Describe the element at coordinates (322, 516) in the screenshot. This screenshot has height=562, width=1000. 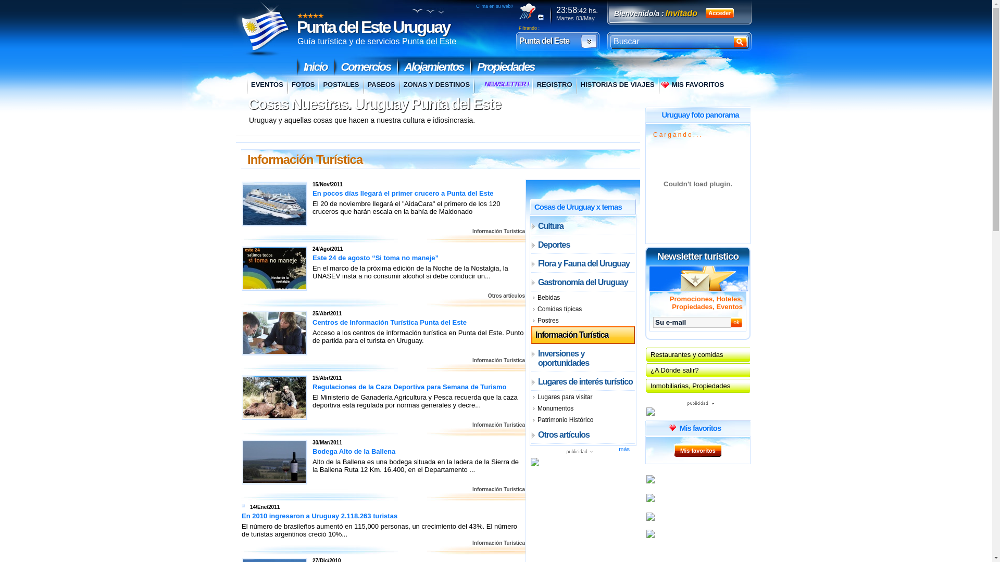
I see `'En 2010 ingresaron a Uruguay 2.118.263 turistas'` at that location.